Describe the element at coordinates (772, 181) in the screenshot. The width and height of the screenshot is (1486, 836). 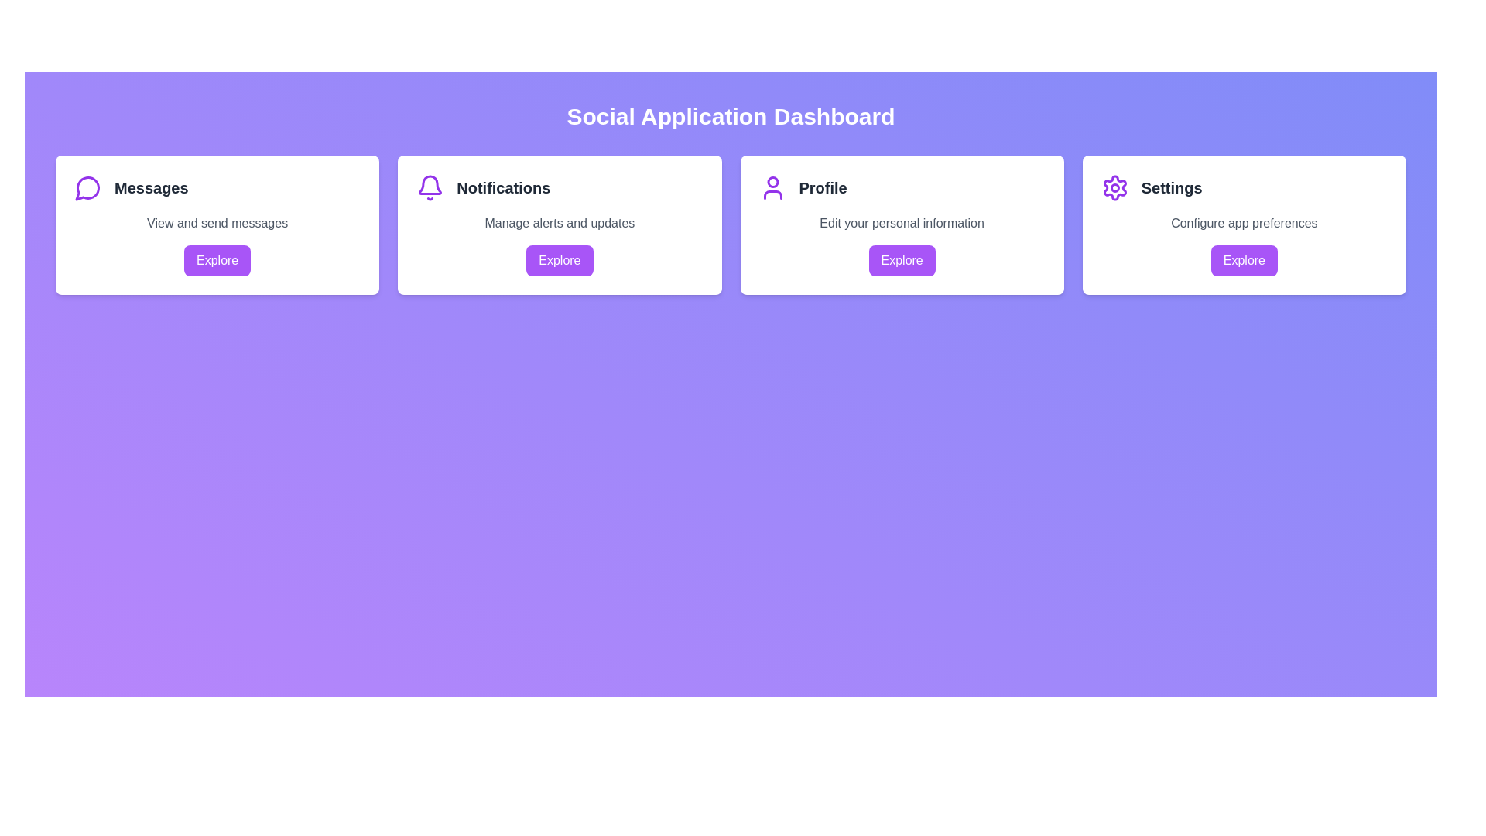
I see `the decorative graphical element representing the user's head in the profile section, located next to the notifications section` at that location.